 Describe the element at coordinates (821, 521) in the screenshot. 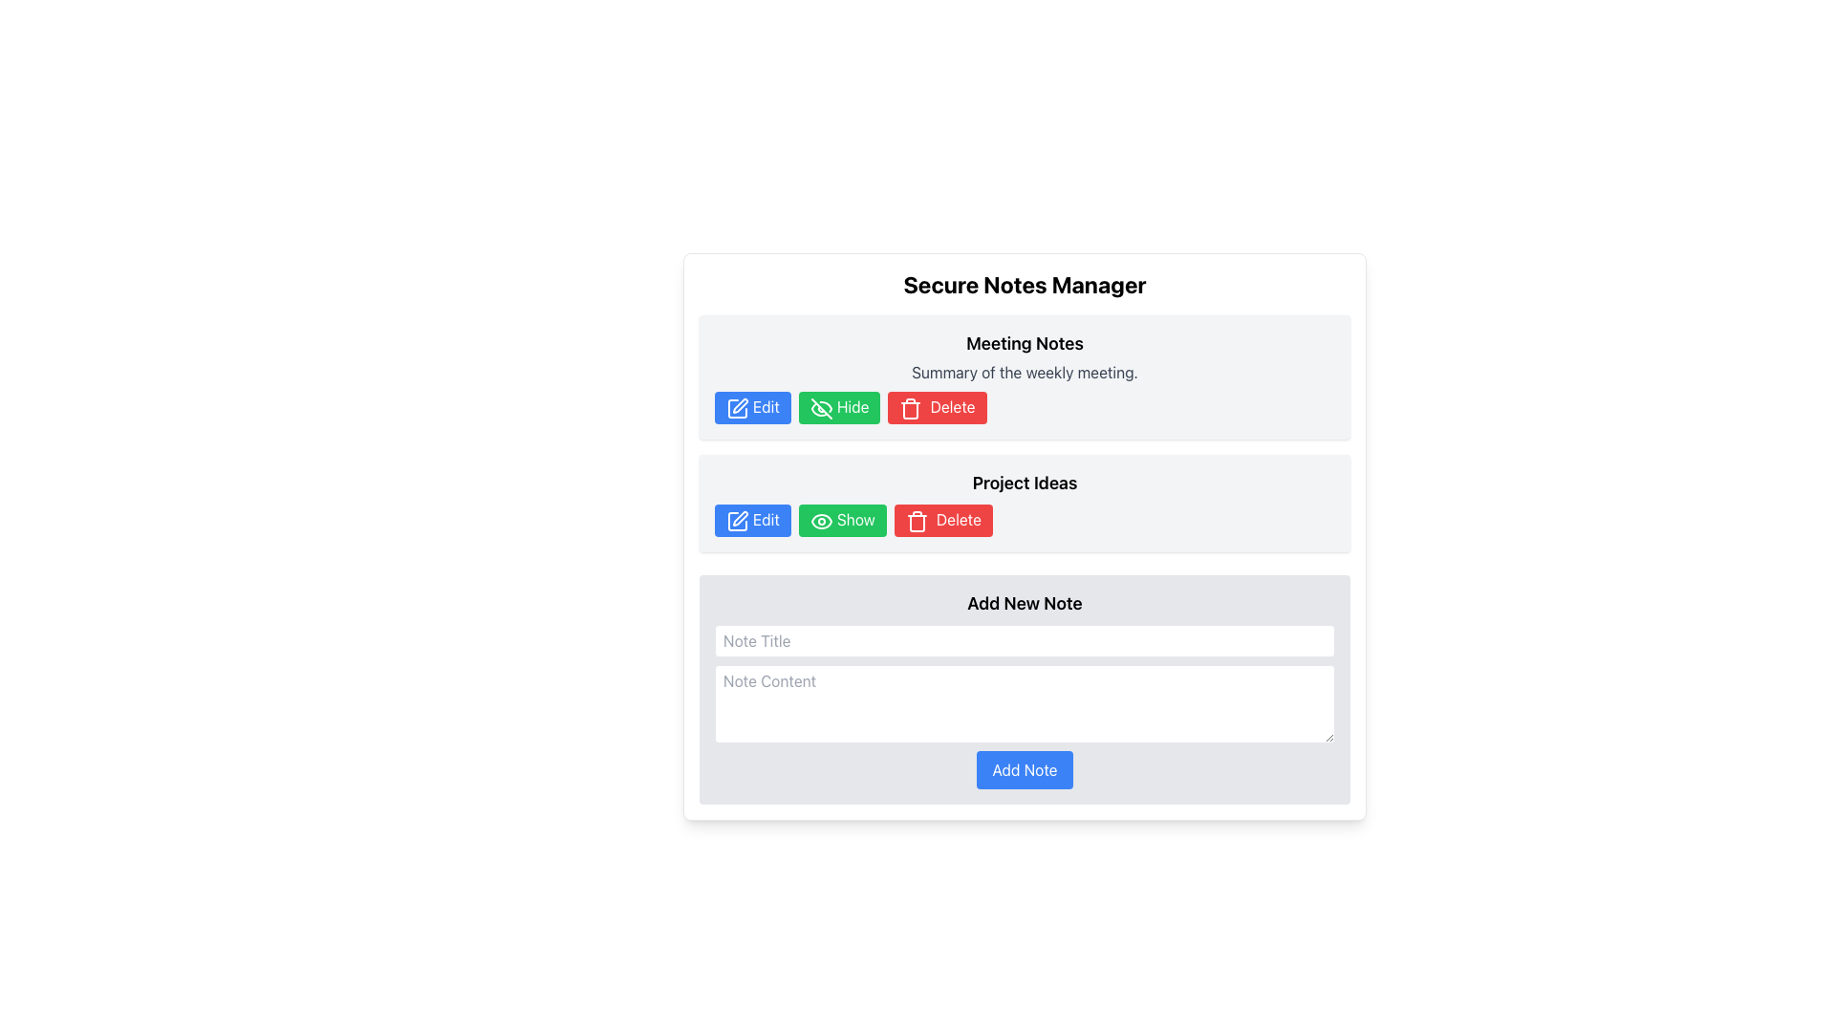

I see `the outer elliptical curve of the eye icon, which signifies the 'Show' functionality in the 'Project Ideas' section's second action button` at that location.